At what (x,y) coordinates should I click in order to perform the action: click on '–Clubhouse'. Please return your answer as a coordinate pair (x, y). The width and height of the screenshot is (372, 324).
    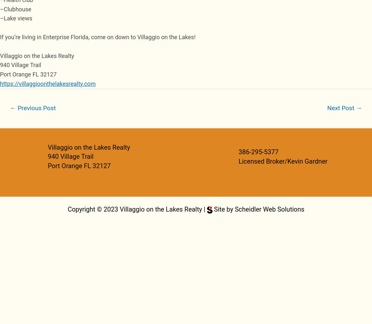
    Looking at the image, I should click on (0, 9).